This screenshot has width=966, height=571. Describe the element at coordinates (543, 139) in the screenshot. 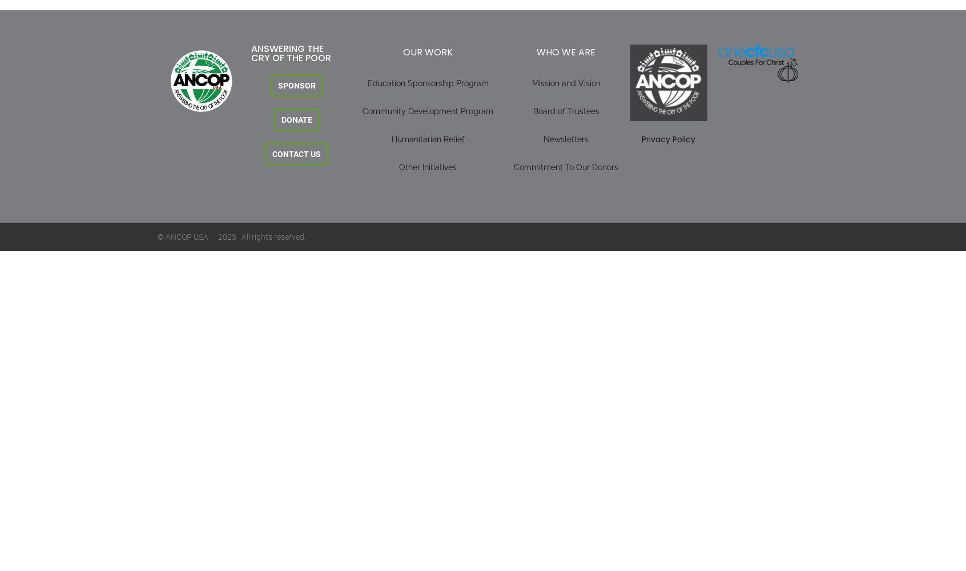

I see `'Newsletters'` at that location.